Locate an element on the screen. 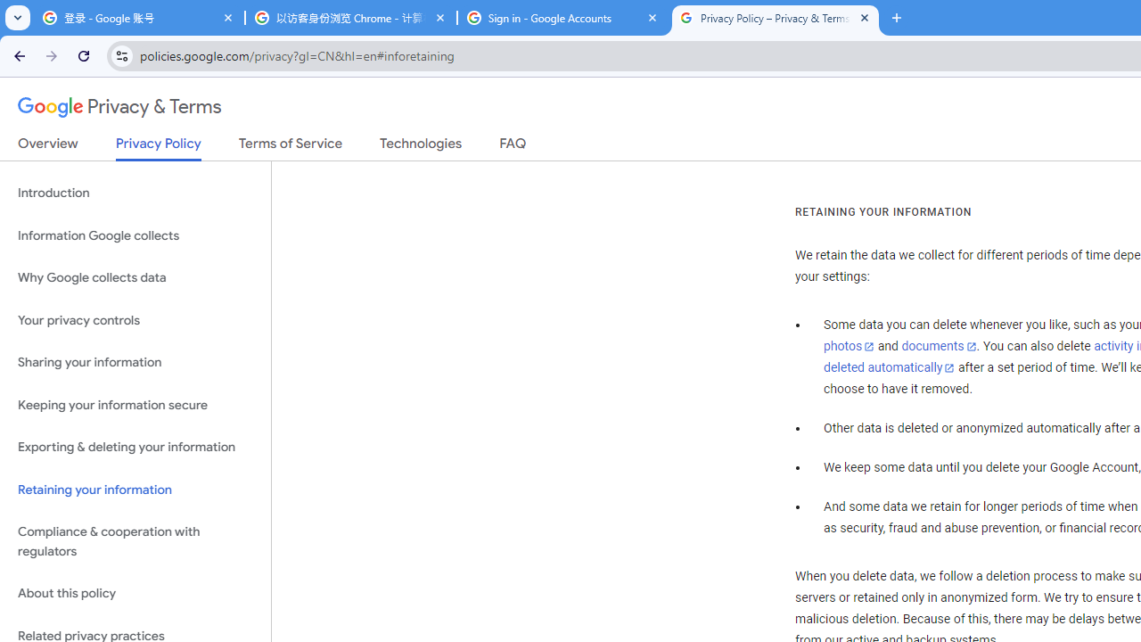 The width and height of the screenshot is (1141, 642). 'Privacy & Terms' is located at coordinates (119, 107).